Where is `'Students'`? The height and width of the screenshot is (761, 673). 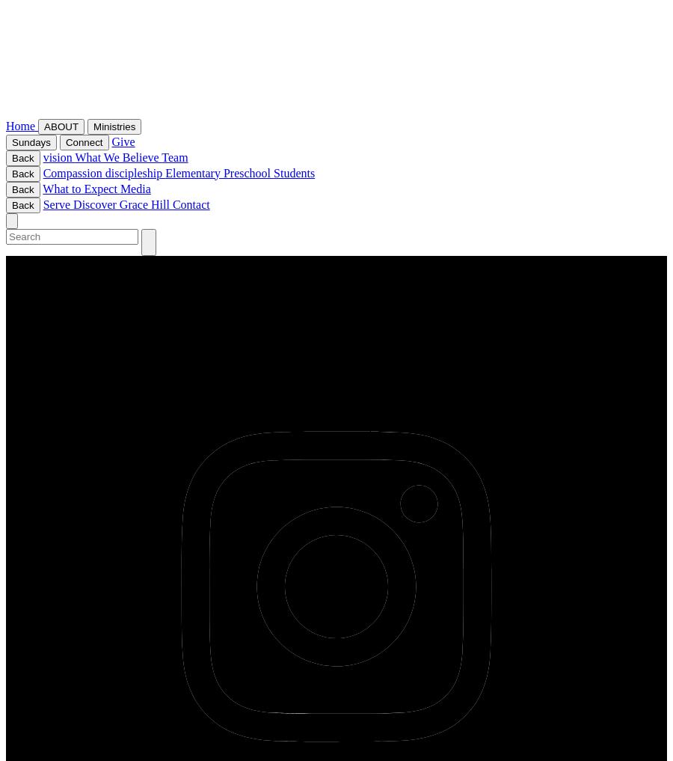
'Students' is located at coordinates (294, 171).